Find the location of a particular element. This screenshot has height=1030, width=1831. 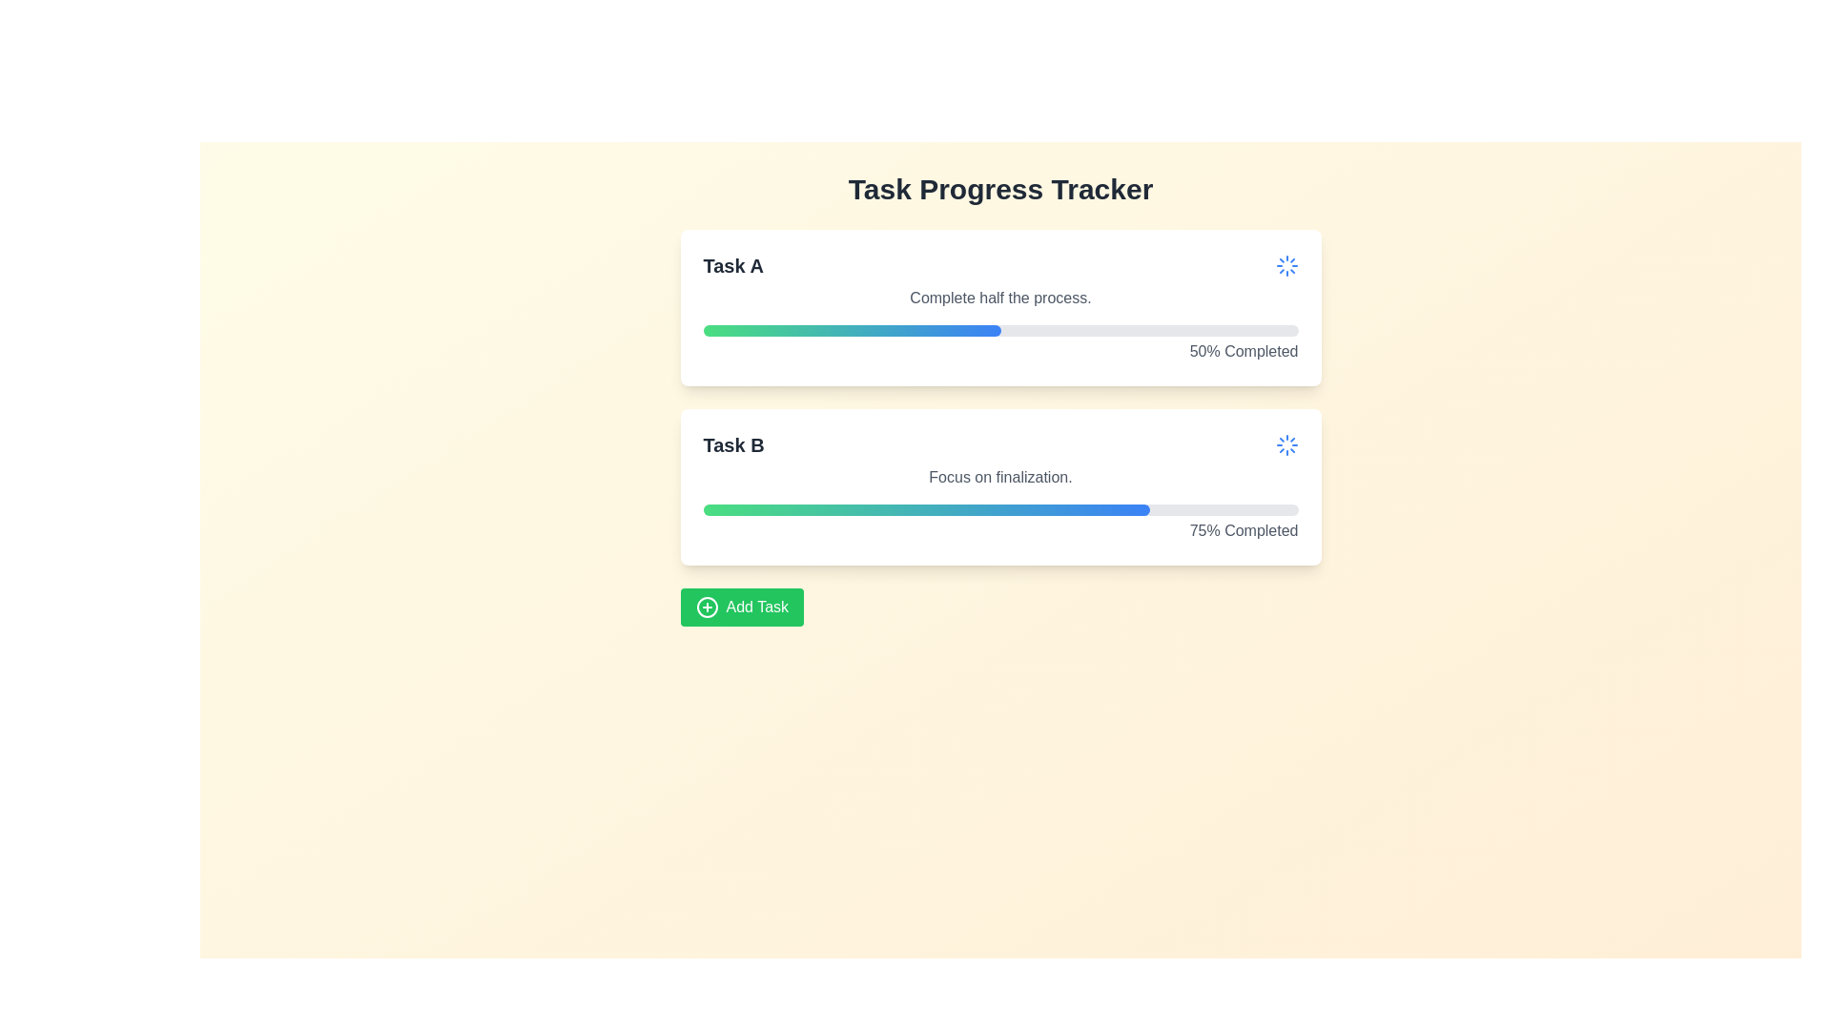

the blue loader or spinner icon located in the top-right corner of the 'Task B' card to understand its action is located at coordinates (1286, 444).